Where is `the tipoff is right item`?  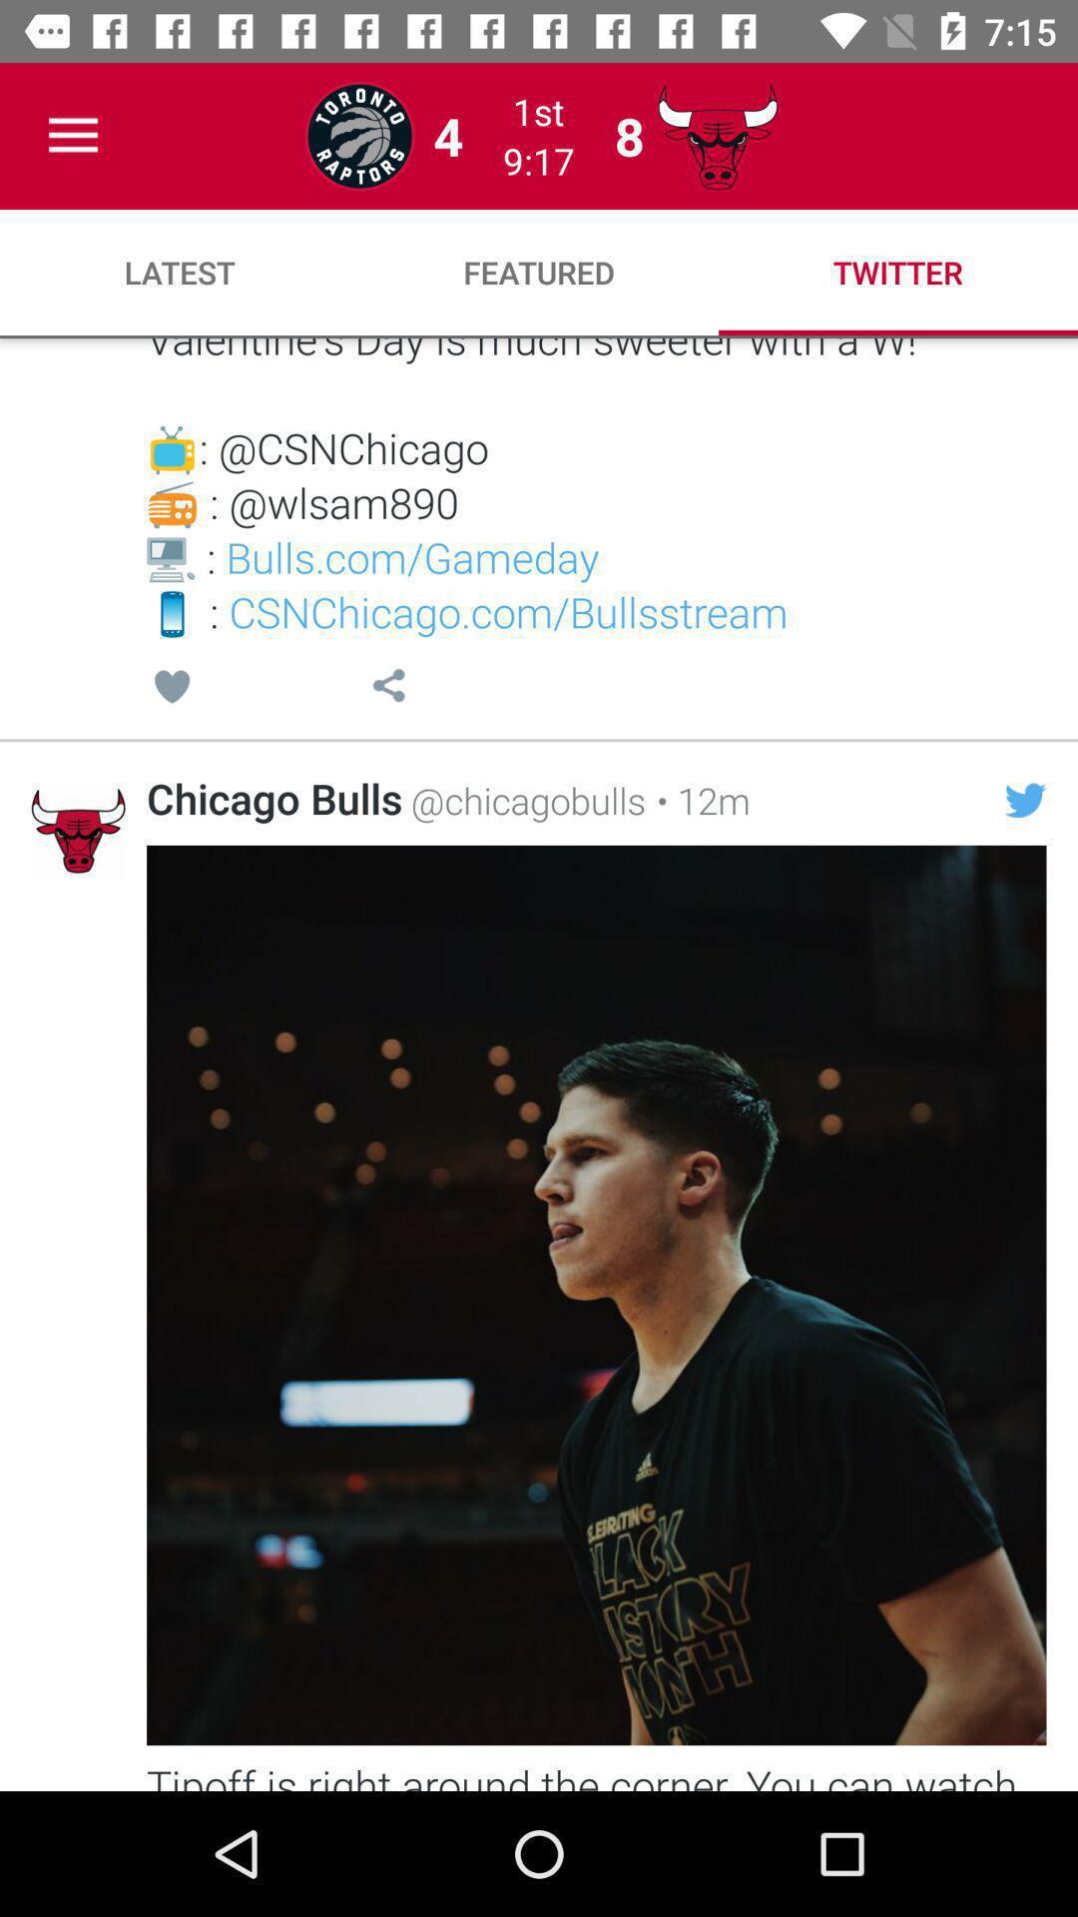 the tipoff is right item is located at coordinates (595, 1773).